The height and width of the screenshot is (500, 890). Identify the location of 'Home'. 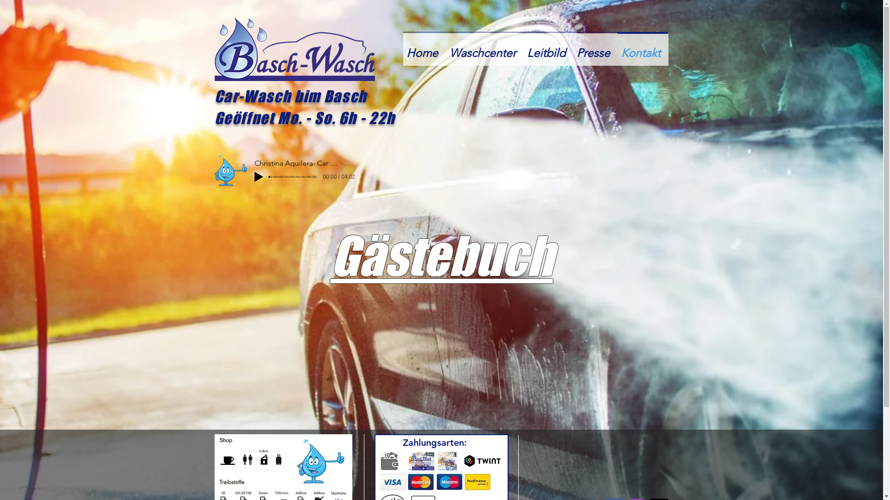
(423, 49).